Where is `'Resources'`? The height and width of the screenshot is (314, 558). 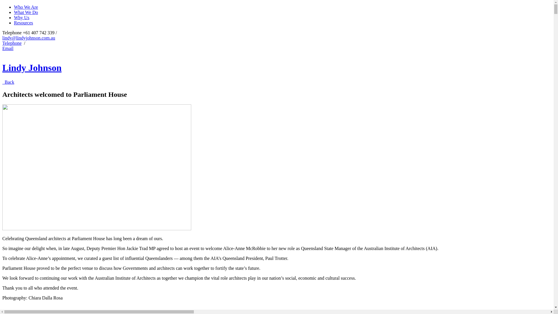 'Resources' is located at coordinates (14, 22).